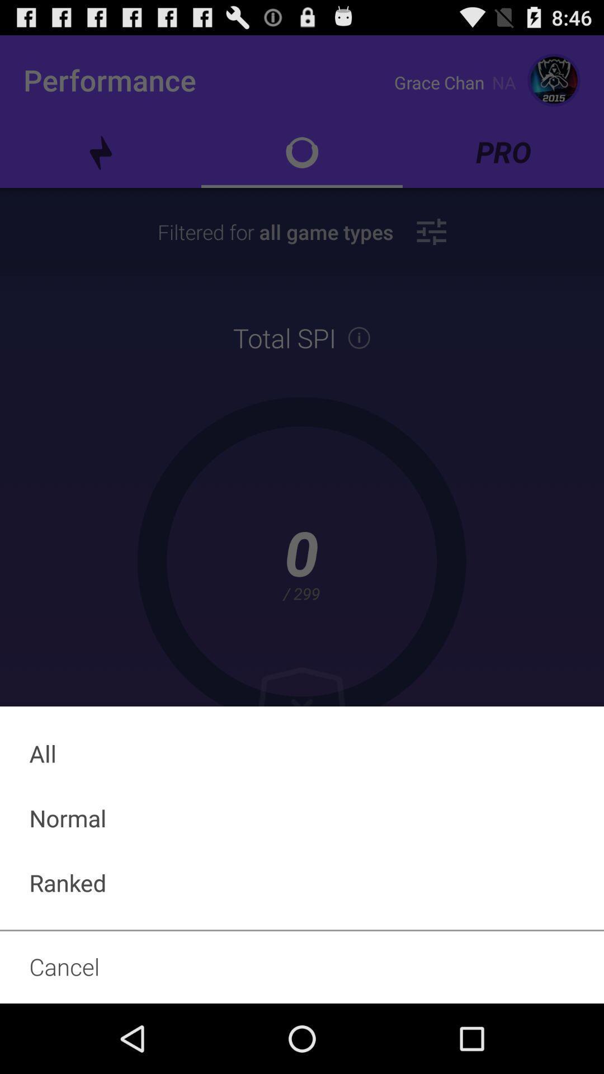 Image resolution: width=604 pixels, height=1074 pixels. Describe the element at coordinates (302, 818) in the screenshot. I see `icon above ranked item` at that location.